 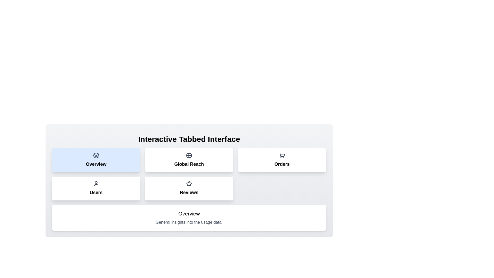 I want to click on the tab labeled Global Reach, so click(x=189, y=160).